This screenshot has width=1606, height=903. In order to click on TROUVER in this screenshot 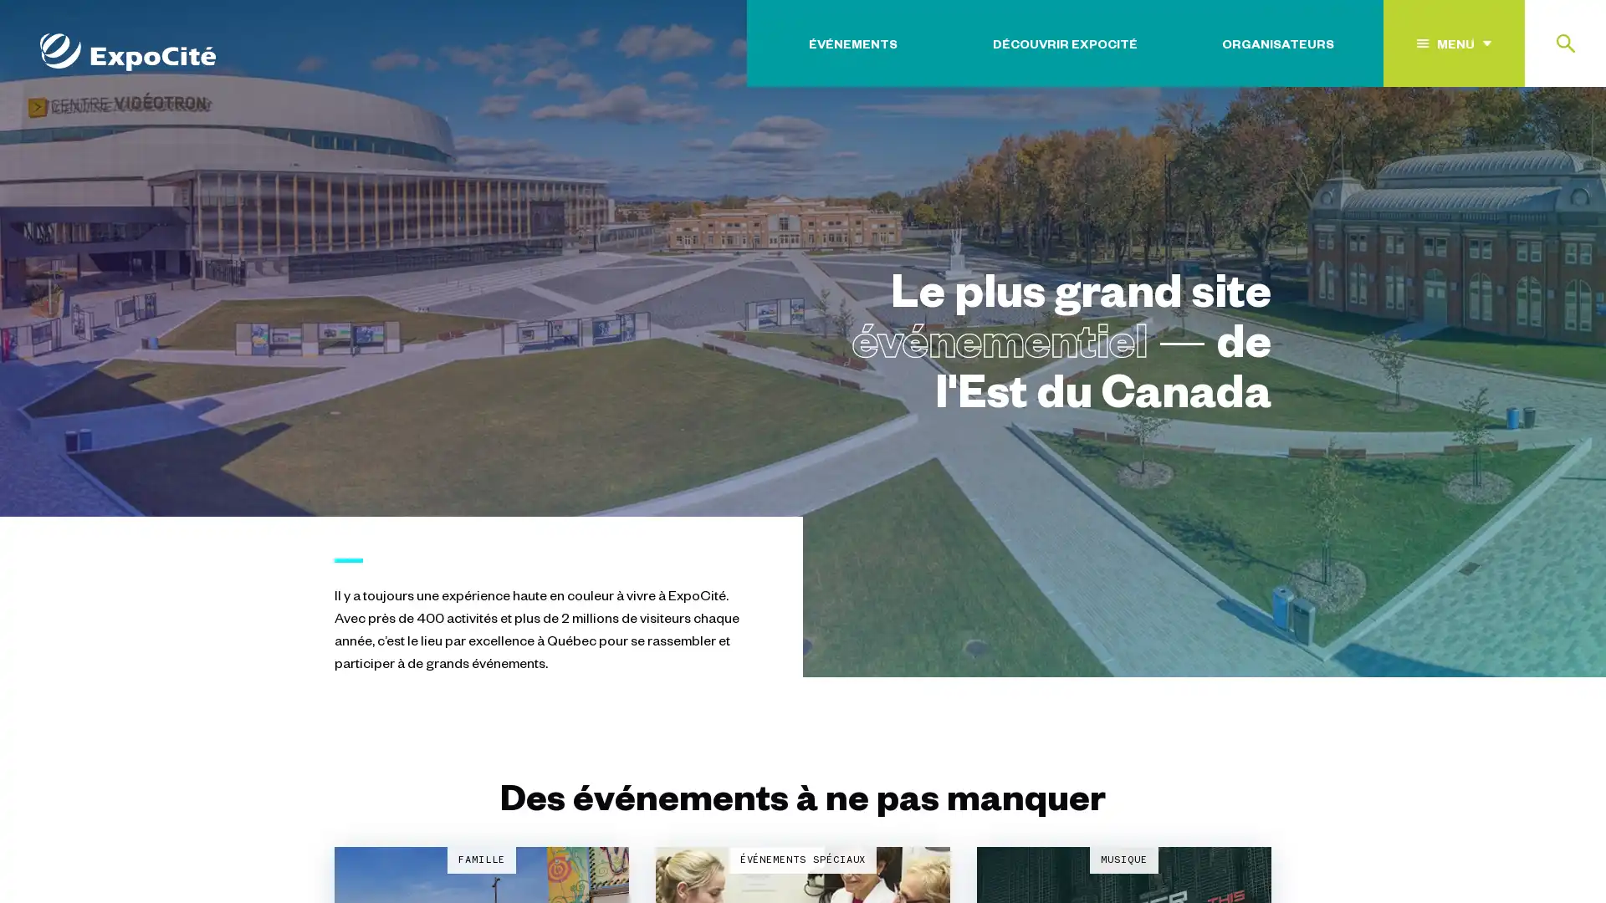, I will do `click(1522, 145)`.